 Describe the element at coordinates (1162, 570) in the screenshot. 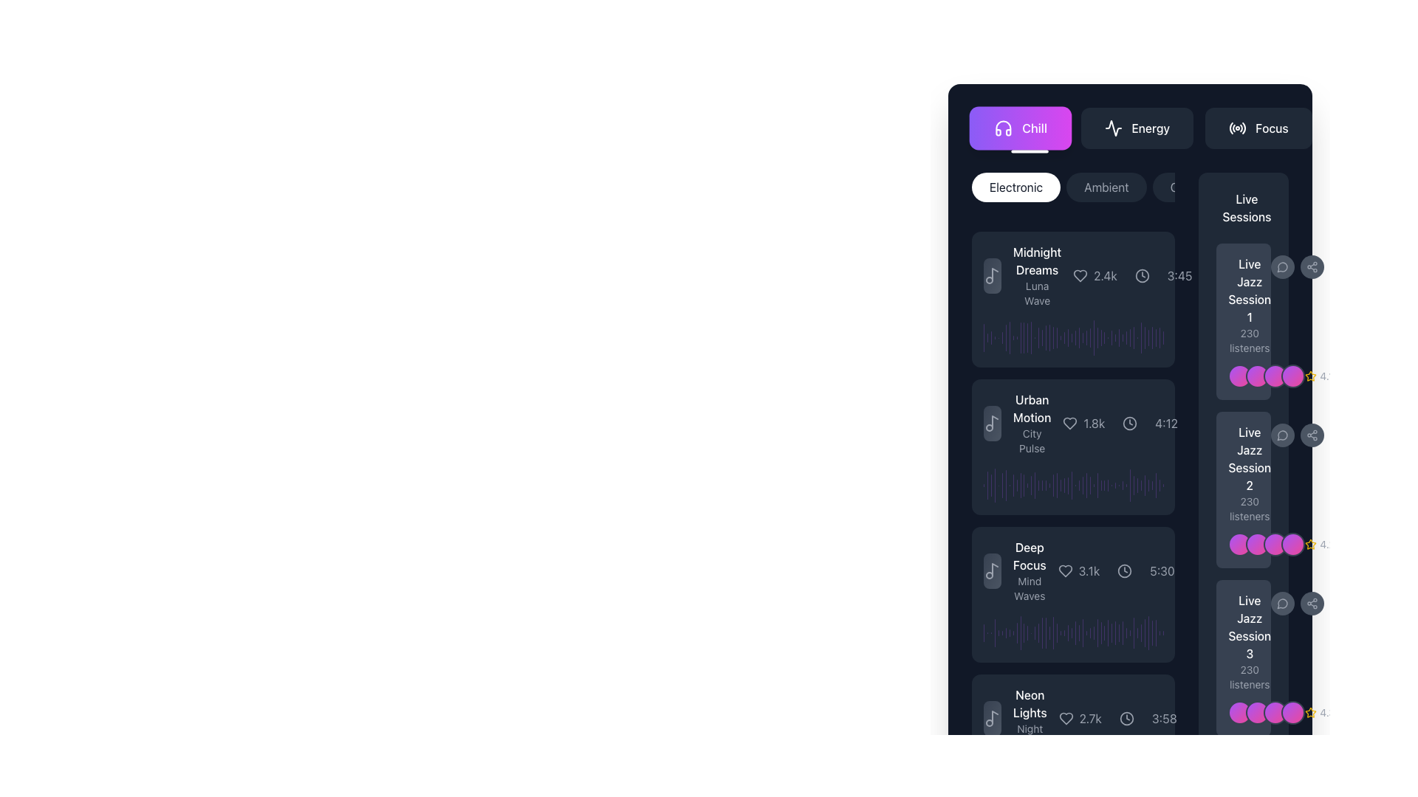

I see `time displayed in the text component showing '5:30', which is styled in white on a dark background and positioned to the right of the clock icon` at that location.